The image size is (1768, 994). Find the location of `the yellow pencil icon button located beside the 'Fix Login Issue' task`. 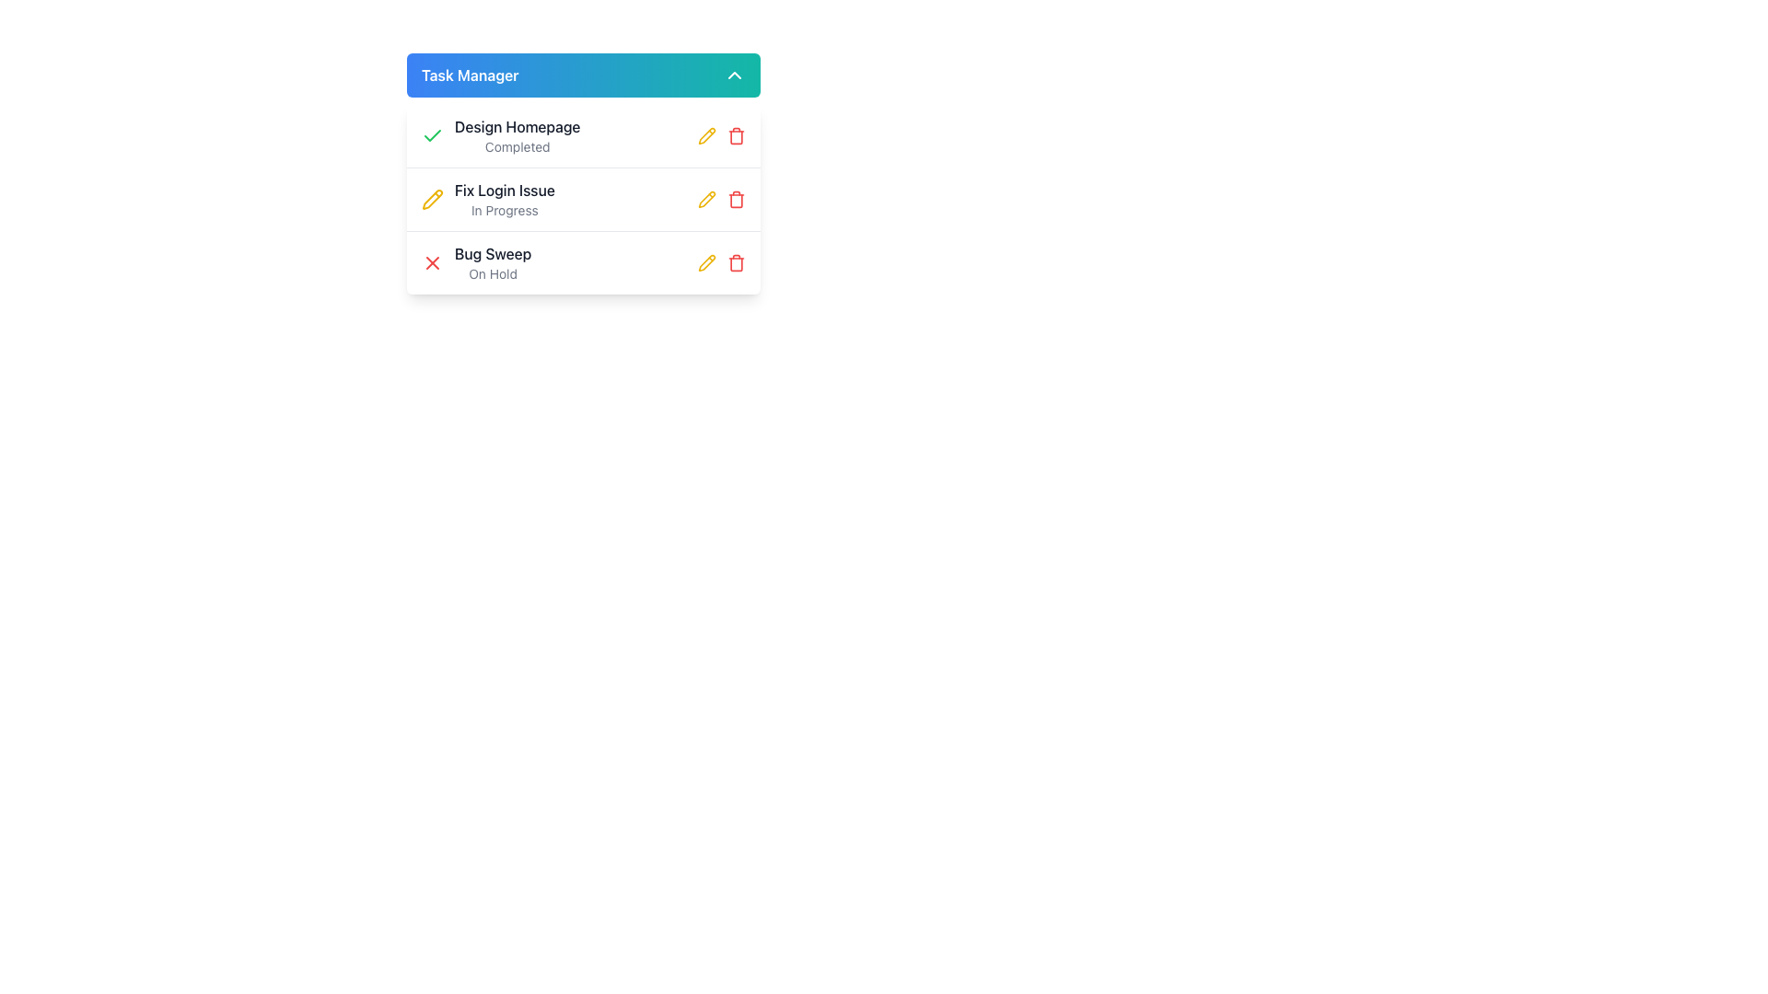

the yellow pencil icon button located beside the 'Fix Login Issue' task is located at coordinates (432, 199).